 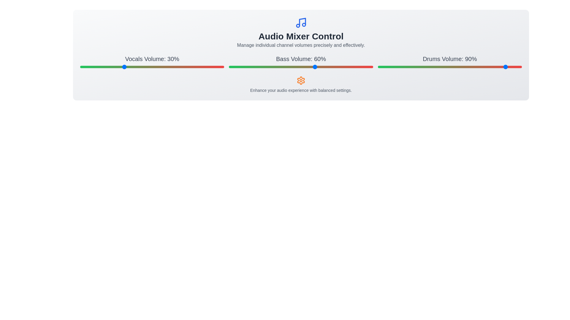 What do you see at coordinates (328, 67) in the screenshot?
I see `the 'Bass' volume slider to 69%` at bounding box center [328, 67].